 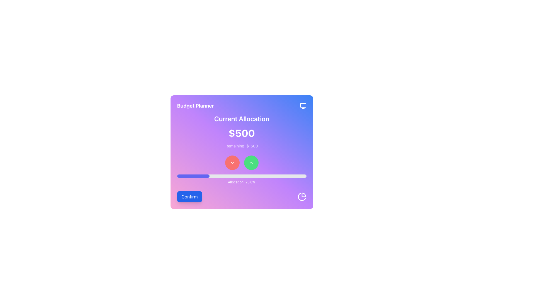 I want to click on the progress represented by the Progress bar located at the bottom of the 'Current Allocation' card, indicating a budget allocation of 25%, so click(x=242, y=176).